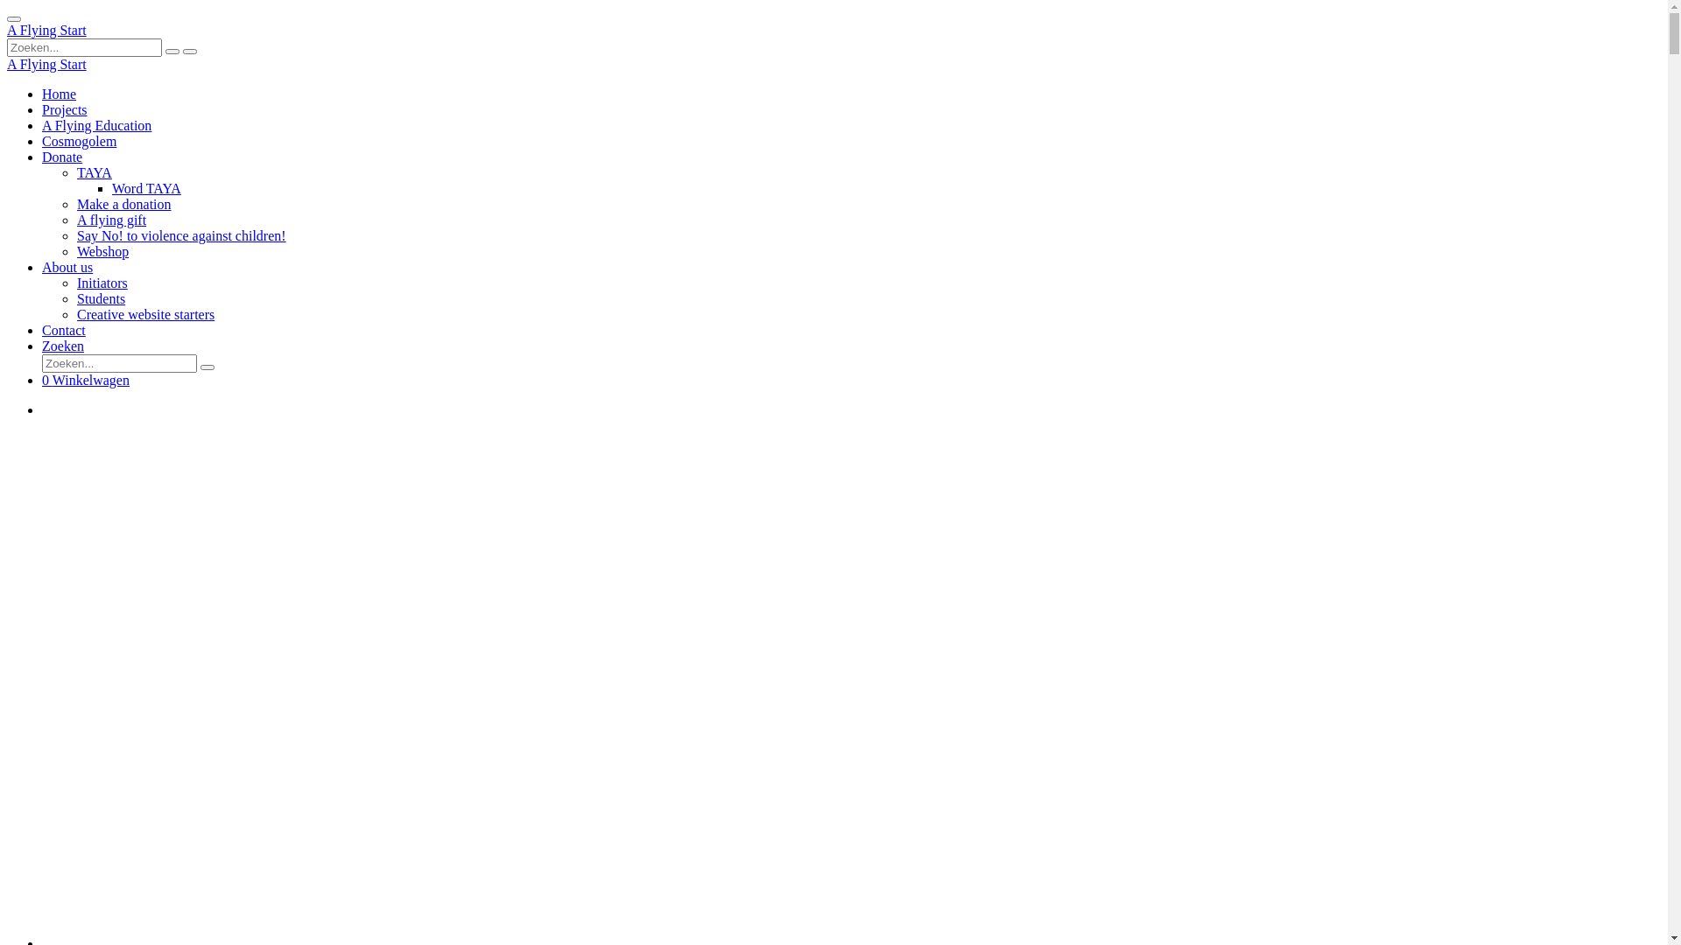 The image size is (1681, 945). I want to click on 'Donate', so click(62, 156).